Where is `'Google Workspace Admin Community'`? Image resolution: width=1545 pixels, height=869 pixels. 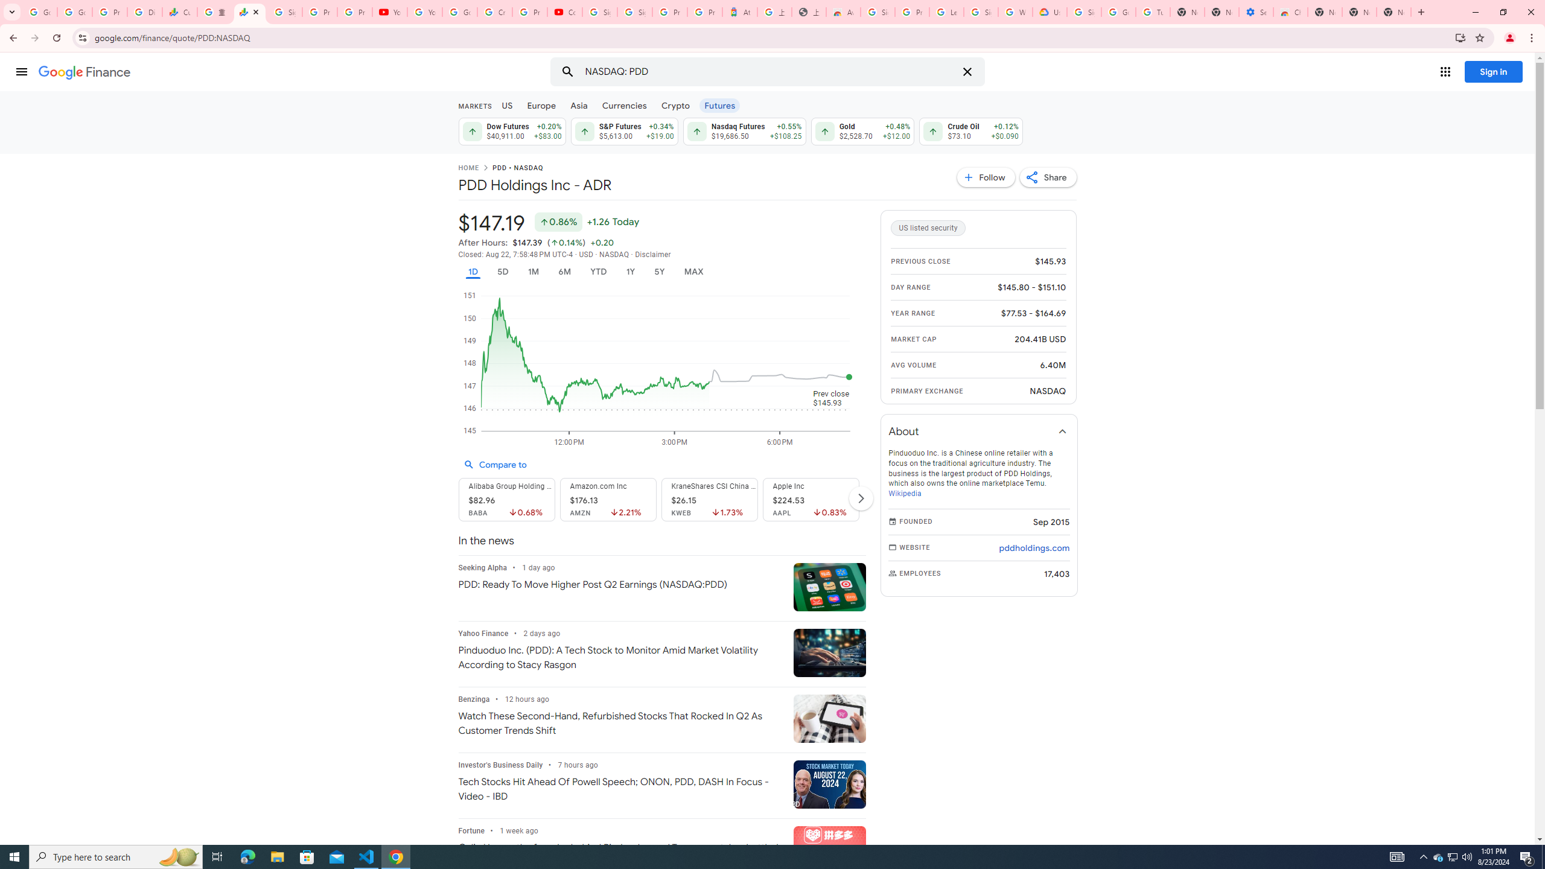 'Google Workspace Admin Community' is located at coordinates (39, 11).